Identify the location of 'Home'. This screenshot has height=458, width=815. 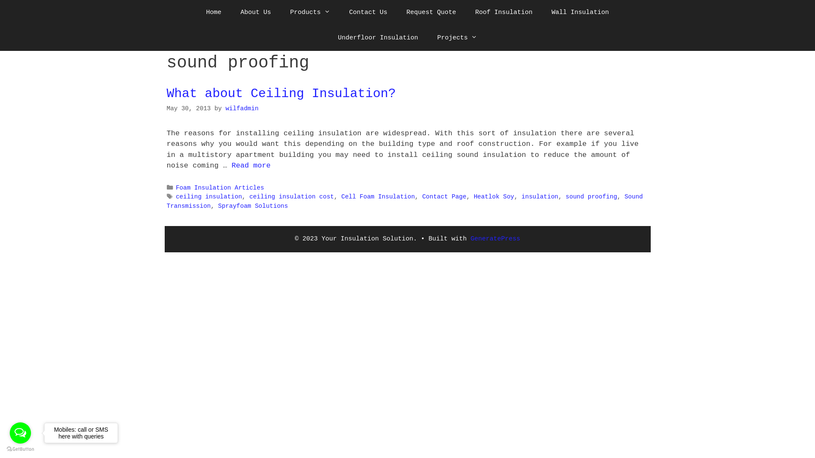
(214, 13).